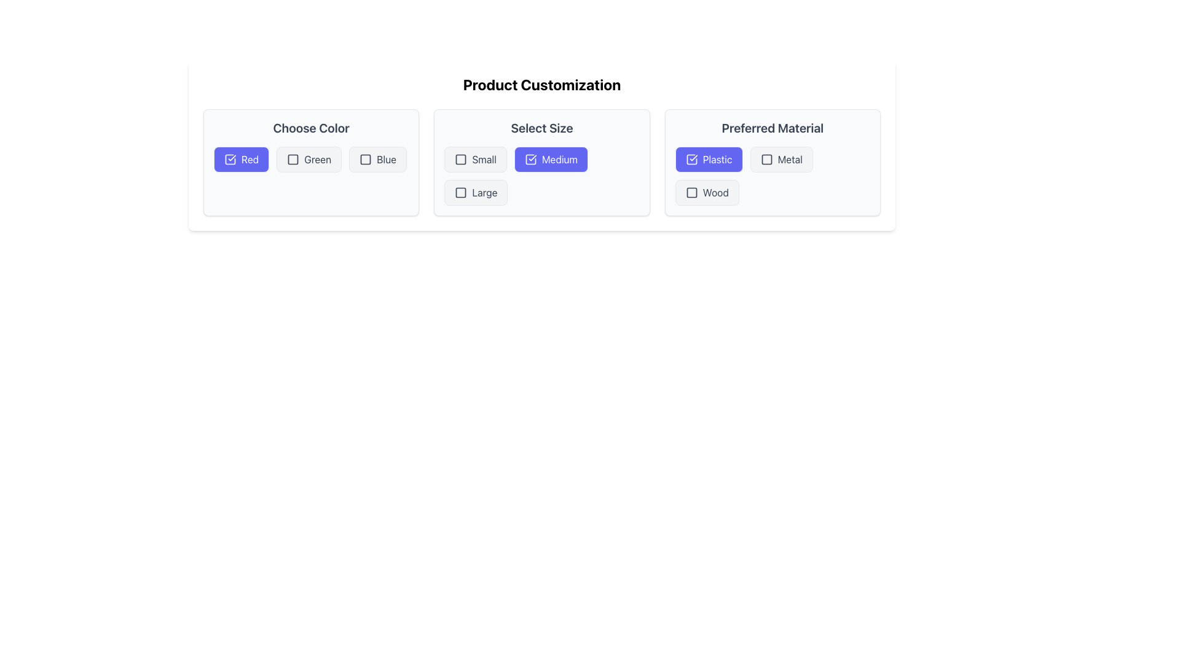  What do you see at coordinates (475, 158) in the screenshot?
I see `the 'Small' size button, which is a clickable button styled with a rounded rectangle shape, light gray background, and dark gray text, containing a checkbox icon to the left` at bounding box center [475, 158].